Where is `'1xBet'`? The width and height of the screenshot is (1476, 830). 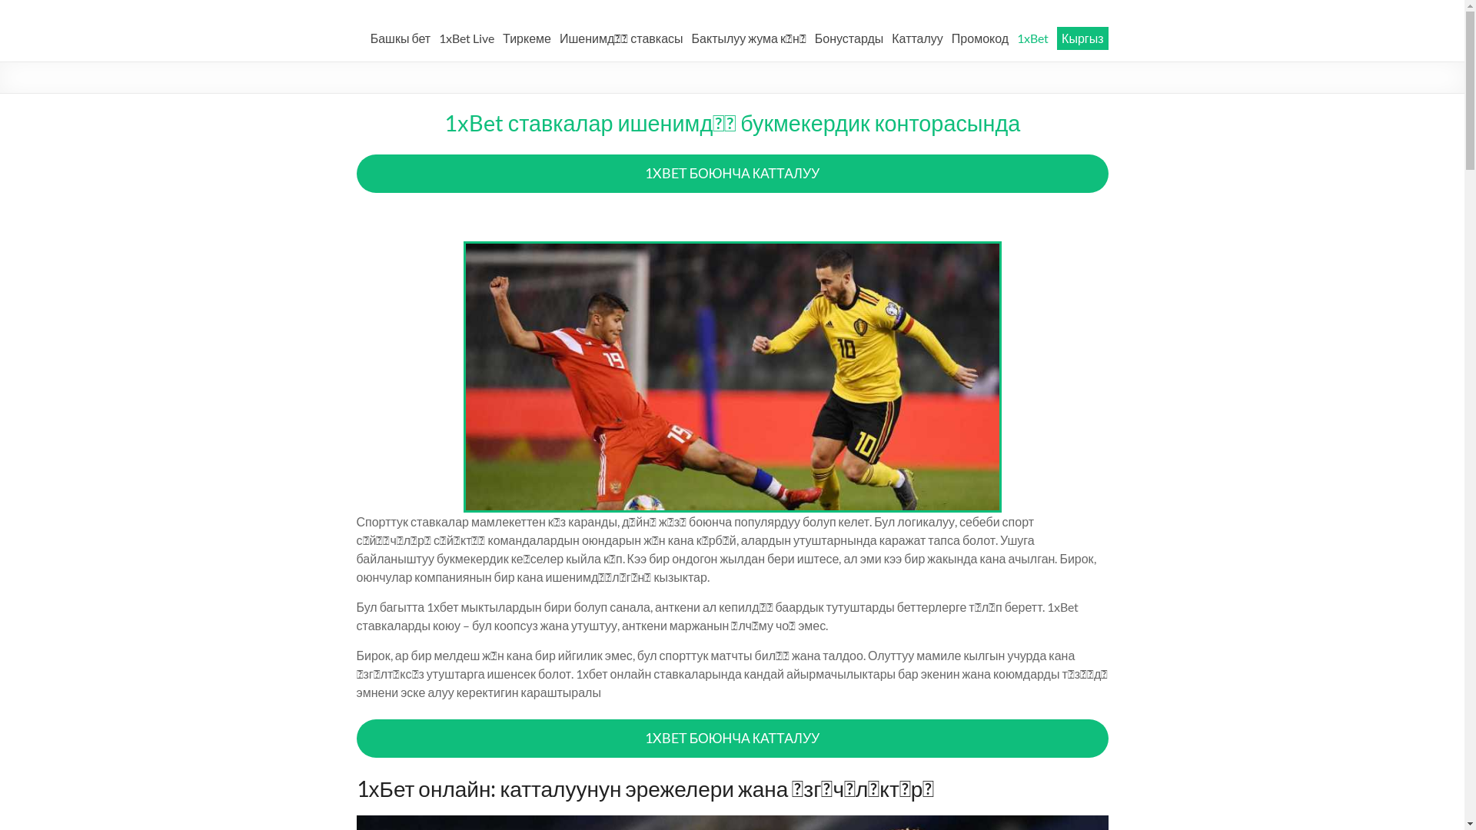
'1xBet' is located at coordinates (1032, 38).